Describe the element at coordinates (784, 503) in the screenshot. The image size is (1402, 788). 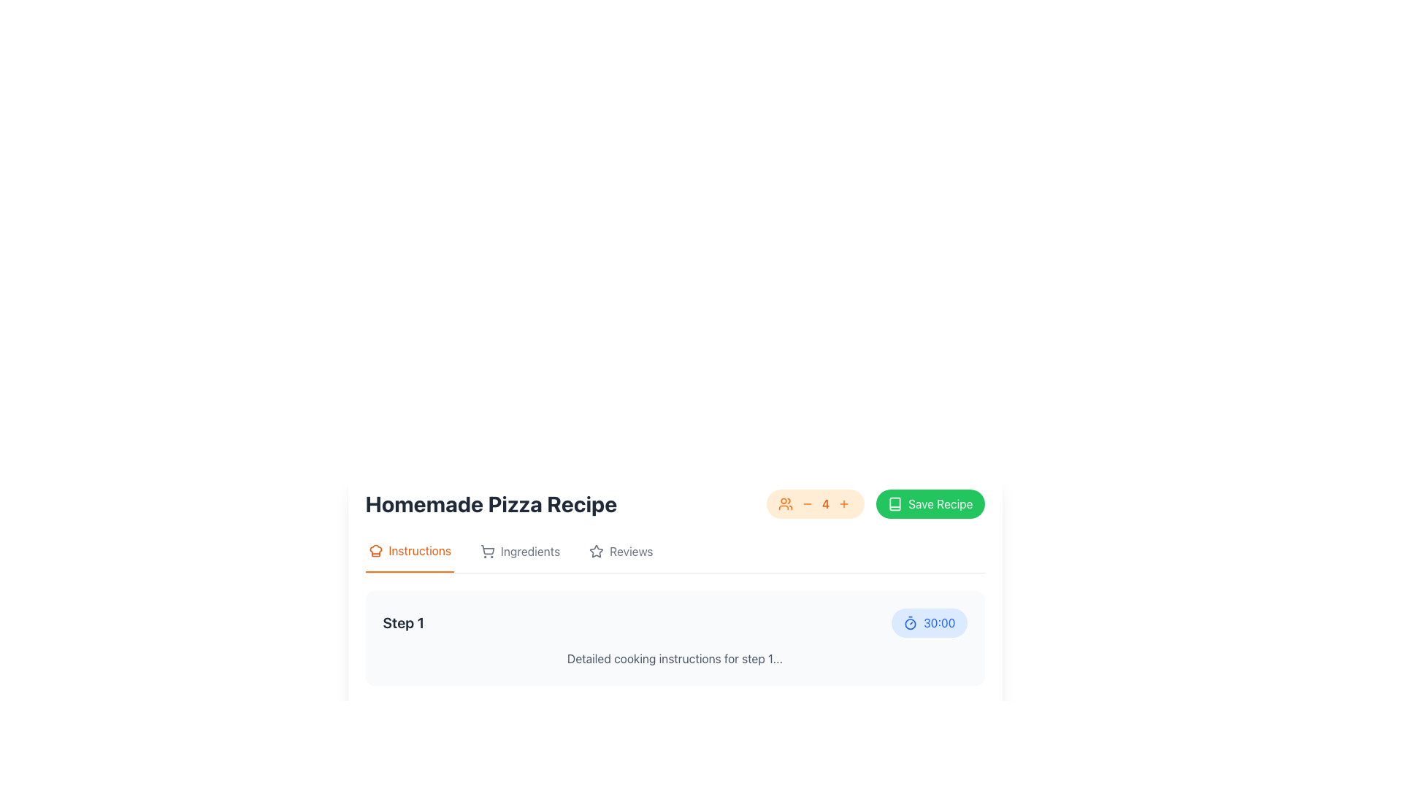
I see `the user-related data icon located between the decrement button and the numeric label '4' in the upper right section of the page interface` at that location.